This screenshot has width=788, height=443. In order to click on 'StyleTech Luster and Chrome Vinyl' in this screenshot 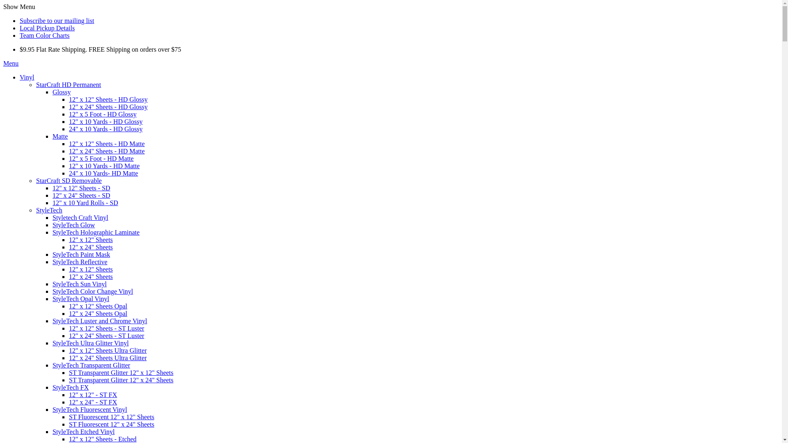, I will do `click(99, 320)`.